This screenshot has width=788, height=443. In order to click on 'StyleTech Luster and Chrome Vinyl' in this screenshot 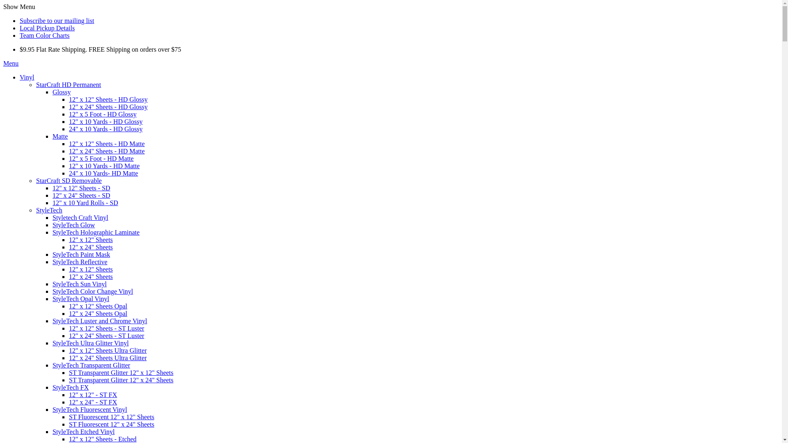, I will do `click(99, 320)`.